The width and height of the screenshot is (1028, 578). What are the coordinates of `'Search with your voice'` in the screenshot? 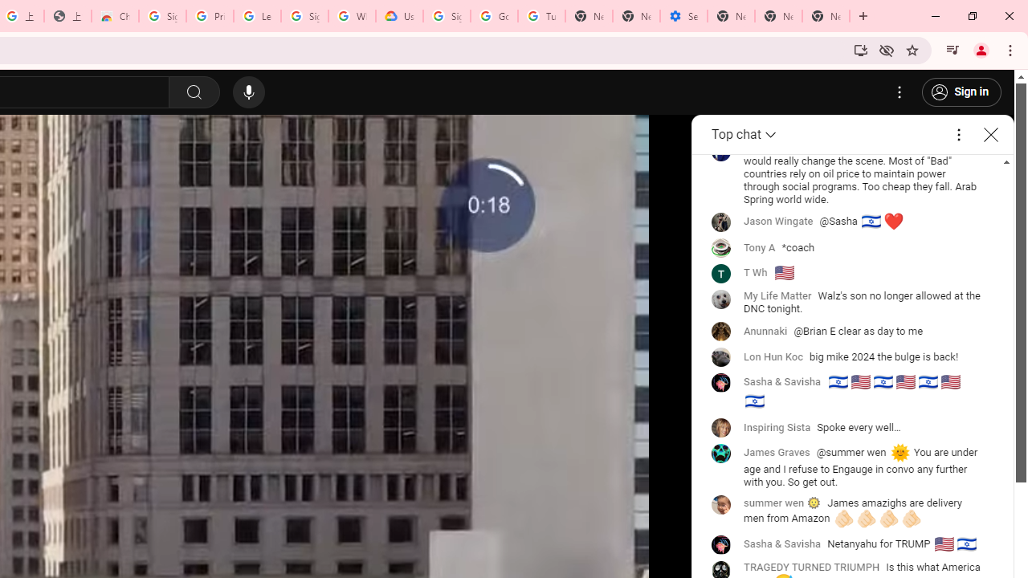 It's located at (247, 92).